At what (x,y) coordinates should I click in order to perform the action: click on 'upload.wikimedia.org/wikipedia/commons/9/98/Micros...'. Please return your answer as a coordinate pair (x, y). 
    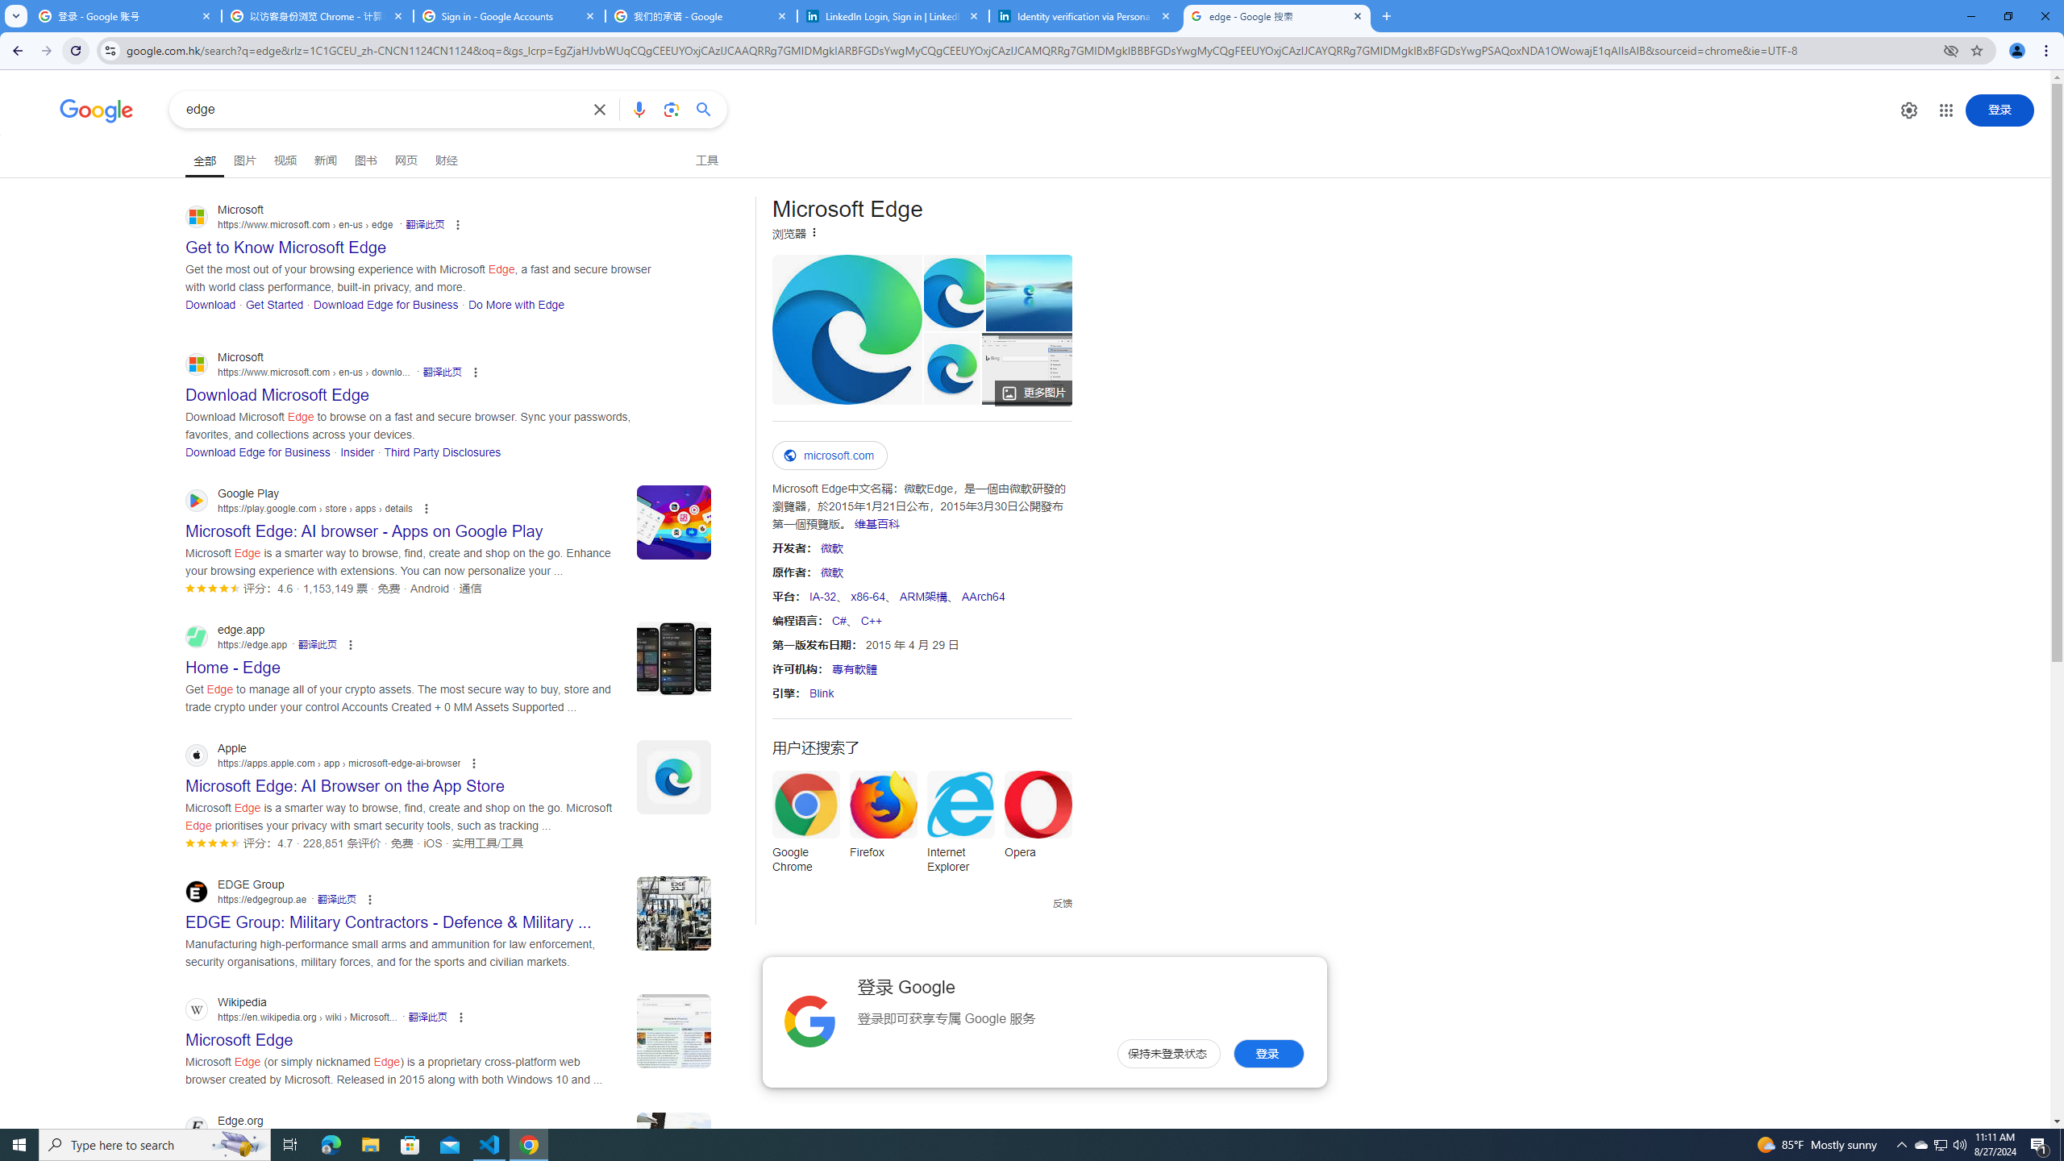
    Looking at the image, I should click on (846, 328).